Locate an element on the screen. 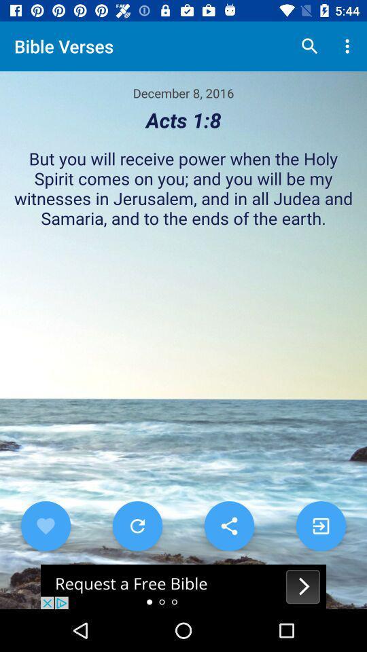  the favorite icon is located at coordinates (46, 525).